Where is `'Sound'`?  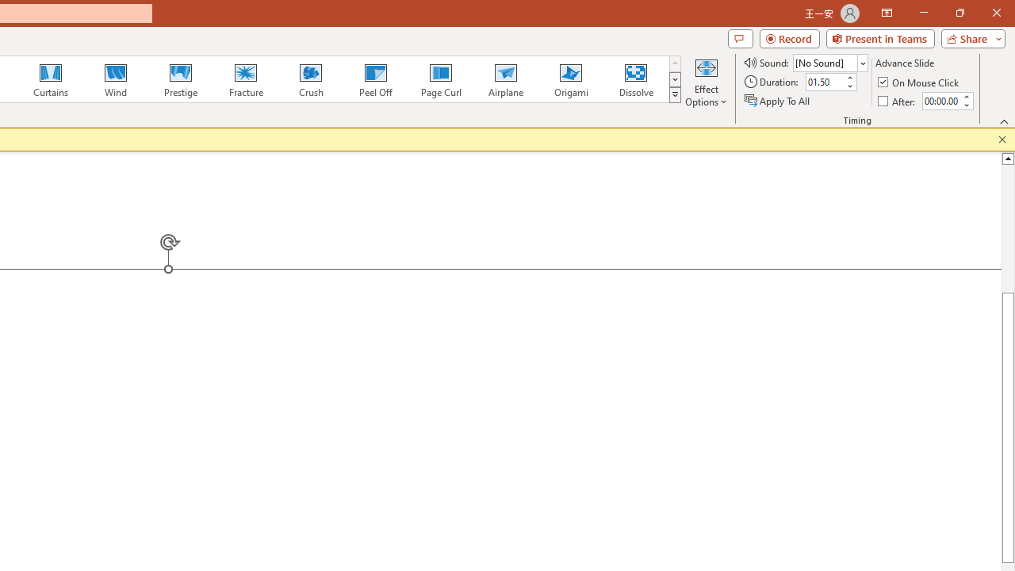
'Sound' is located at coordinates (829, 62).